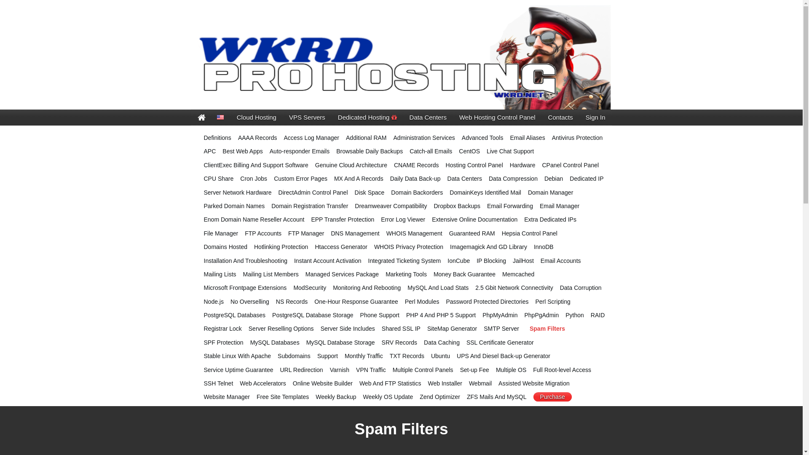 This screenshot has width=809, height=455. Describe the element at coordinates (504, 356) in the screenshot. I see `'UPS And Diesel Back-up Generator'` at that location.